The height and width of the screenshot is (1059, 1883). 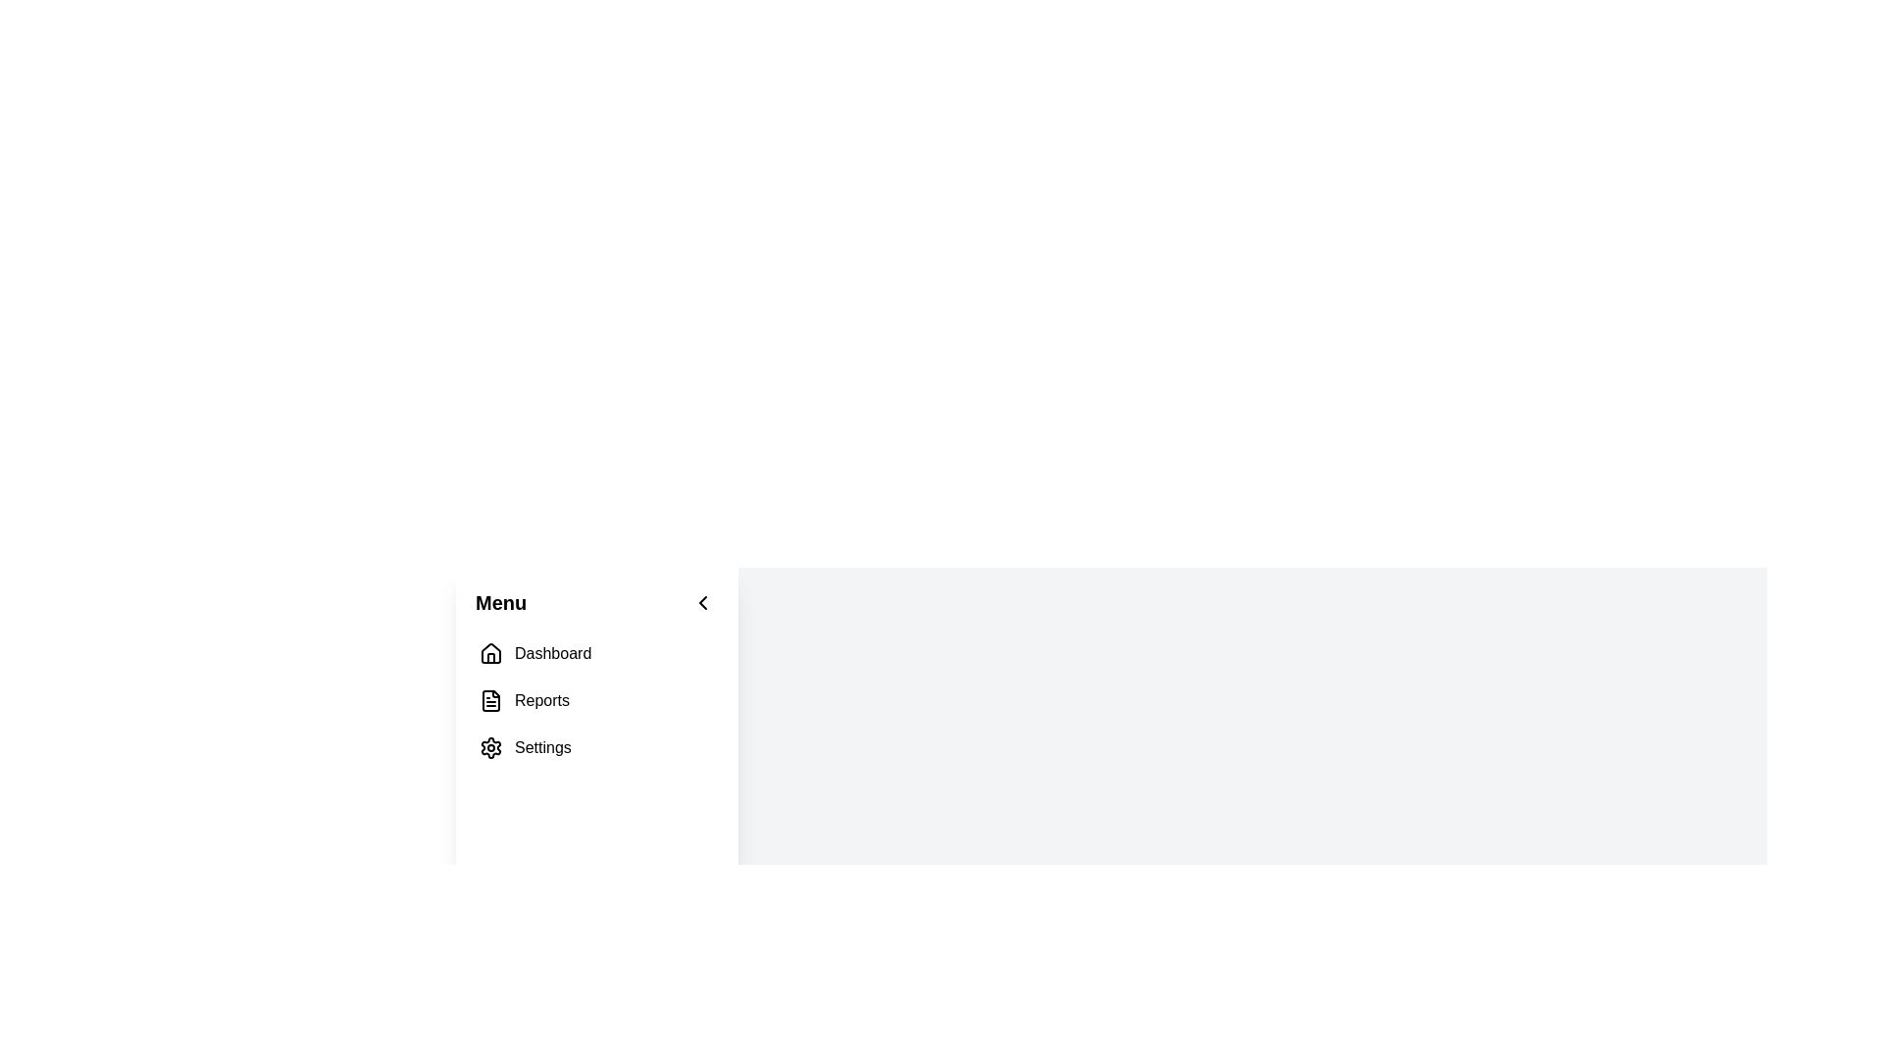 What do you see at coordinates (702, 601) in the screenshot?
I see `the back or collapse button located to the right of the 'Menu' title to change the background color` at bounding box center [702, 601].